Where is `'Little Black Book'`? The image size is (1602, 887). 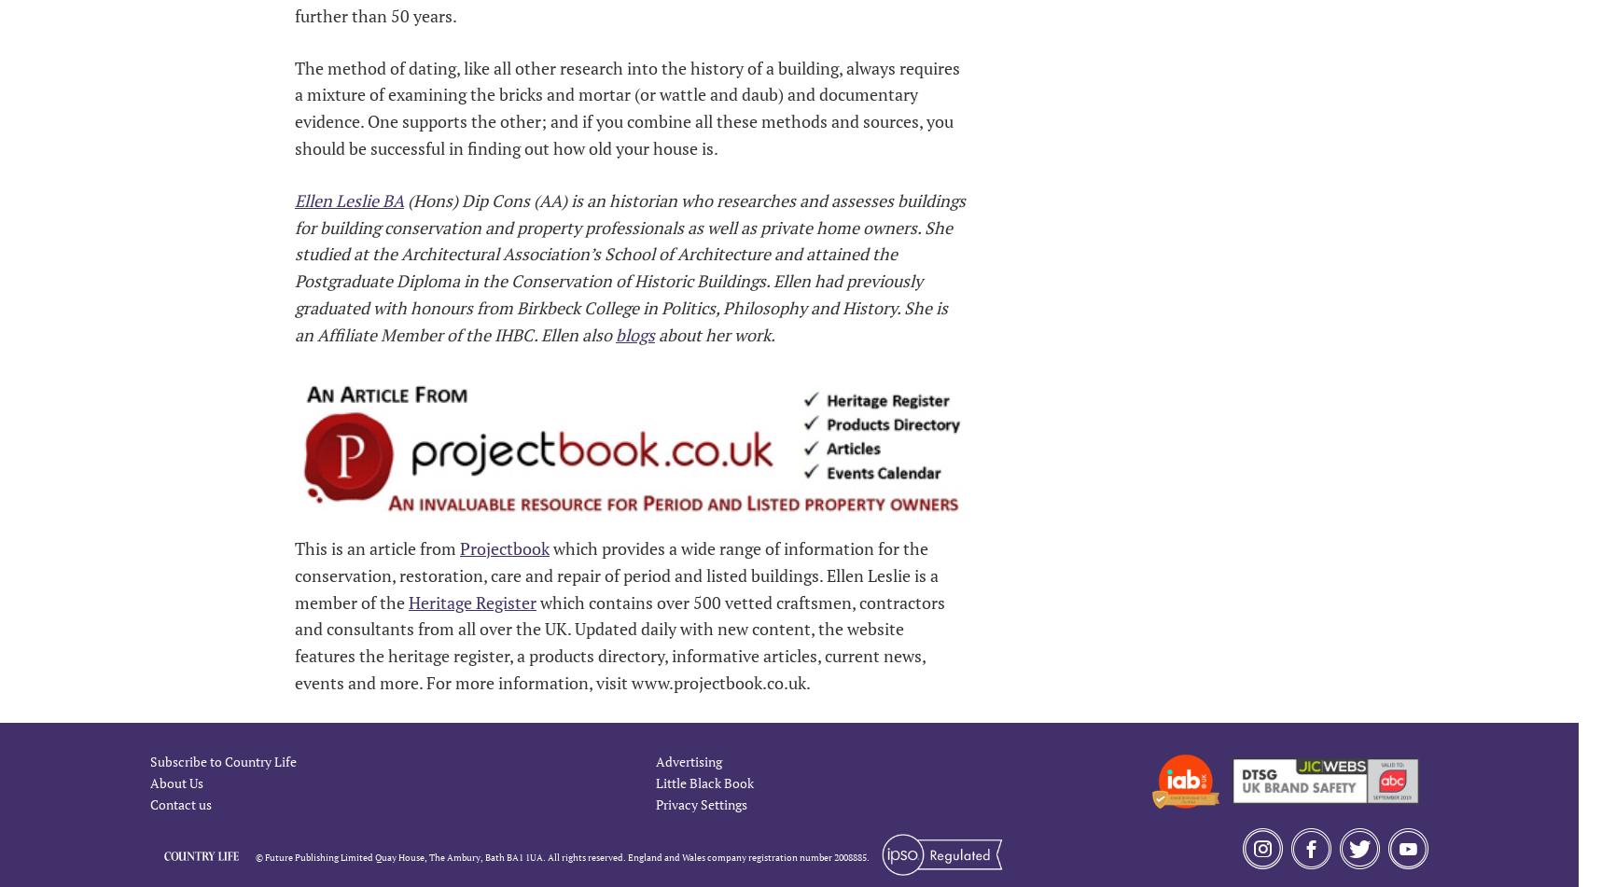 'Little Black Book' is located at coordinates (704, 781).